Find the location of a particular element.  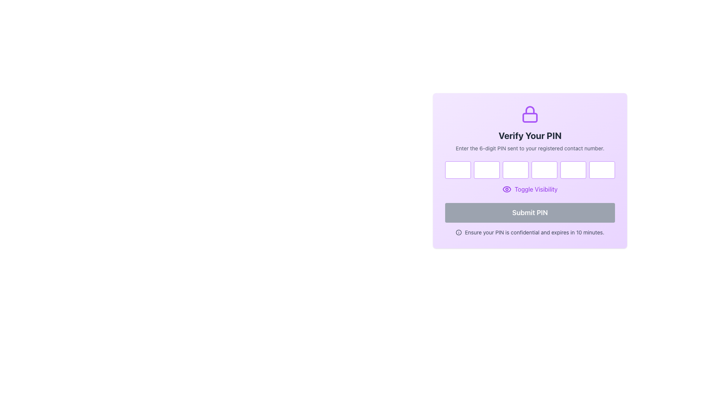

the toggle button for PIN entry visibility located centrally within the card area above the 'Submit PIN' button is located at coordinates (529, 189).